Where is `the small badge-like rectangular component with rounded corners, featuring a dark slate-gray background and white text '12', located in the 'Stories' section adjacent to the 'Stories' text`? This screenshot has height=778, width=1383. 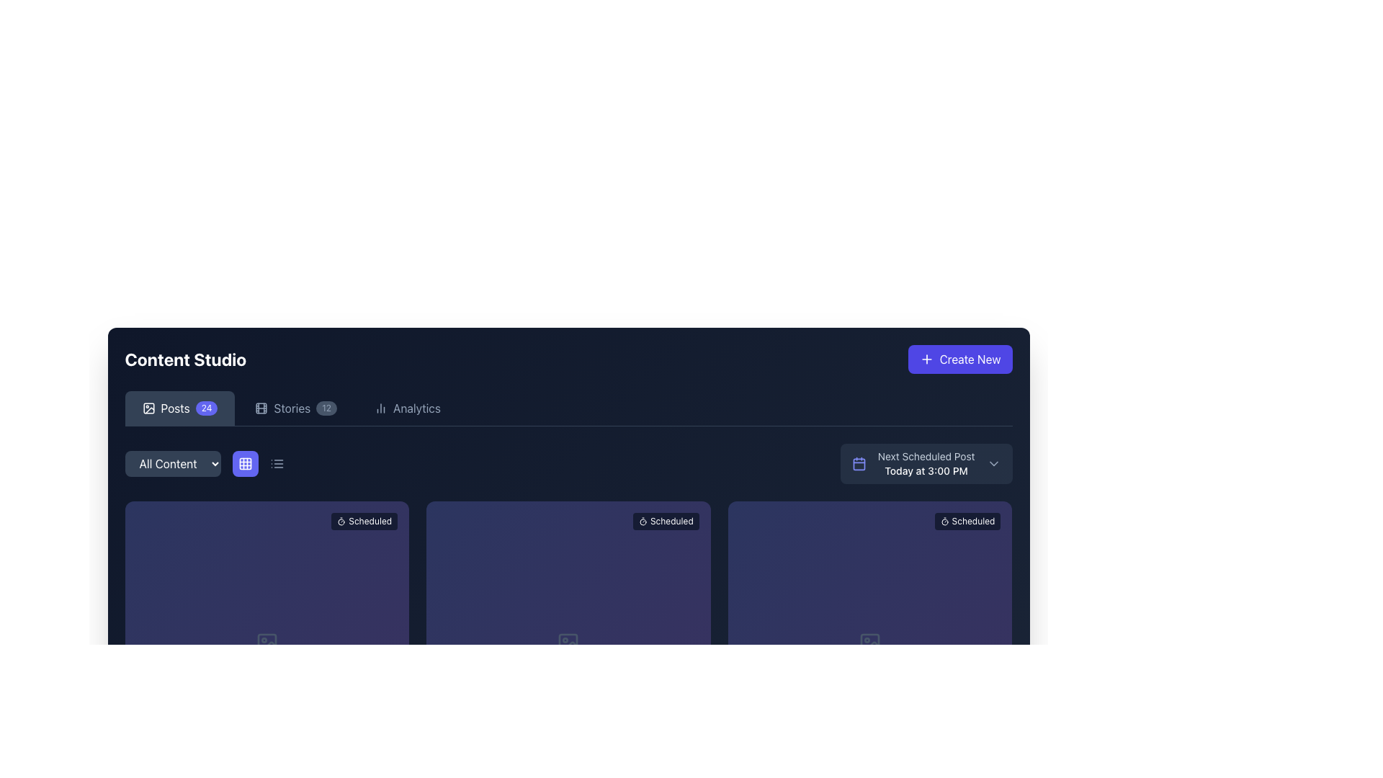 the small badge-like rectangular component with rounded corners, featuring a dark slate-gray background and white text '12', located in the 'Stories' section adjacent to the 'Stories' text is located at coordinates (326, 408).